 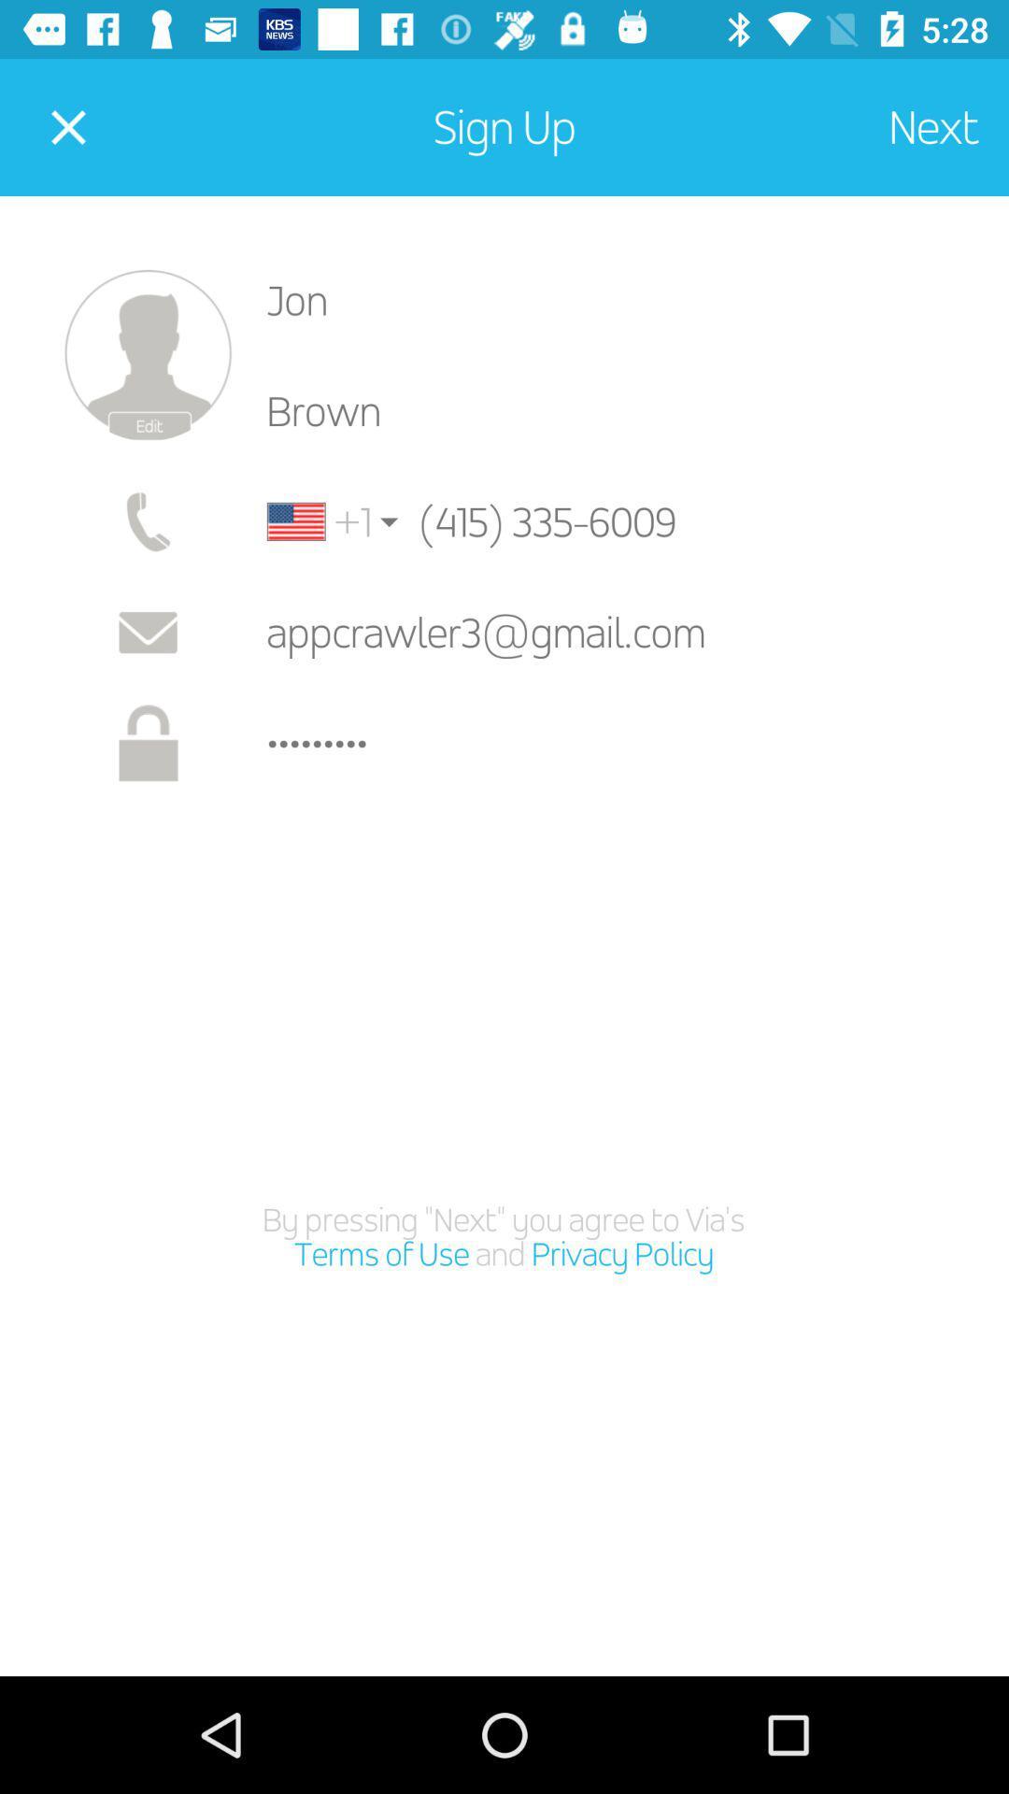 What do you see at coordinates (147, 355) in the screenshot?
I see `the avatar icon` at bounding box center [147, 355].